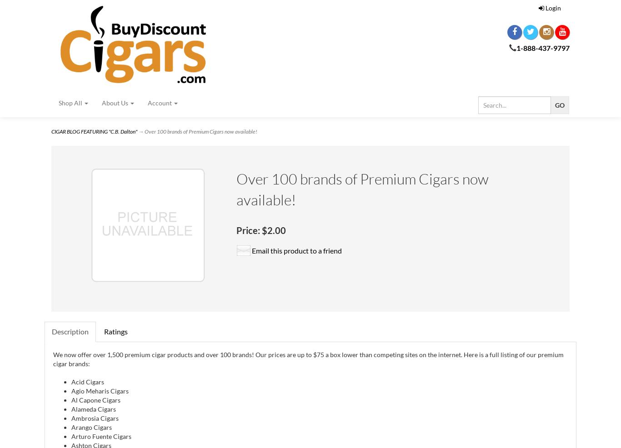 The height and width of the screenshot is (448, 621). I want to click on 'Shop All', so click(70, 102).